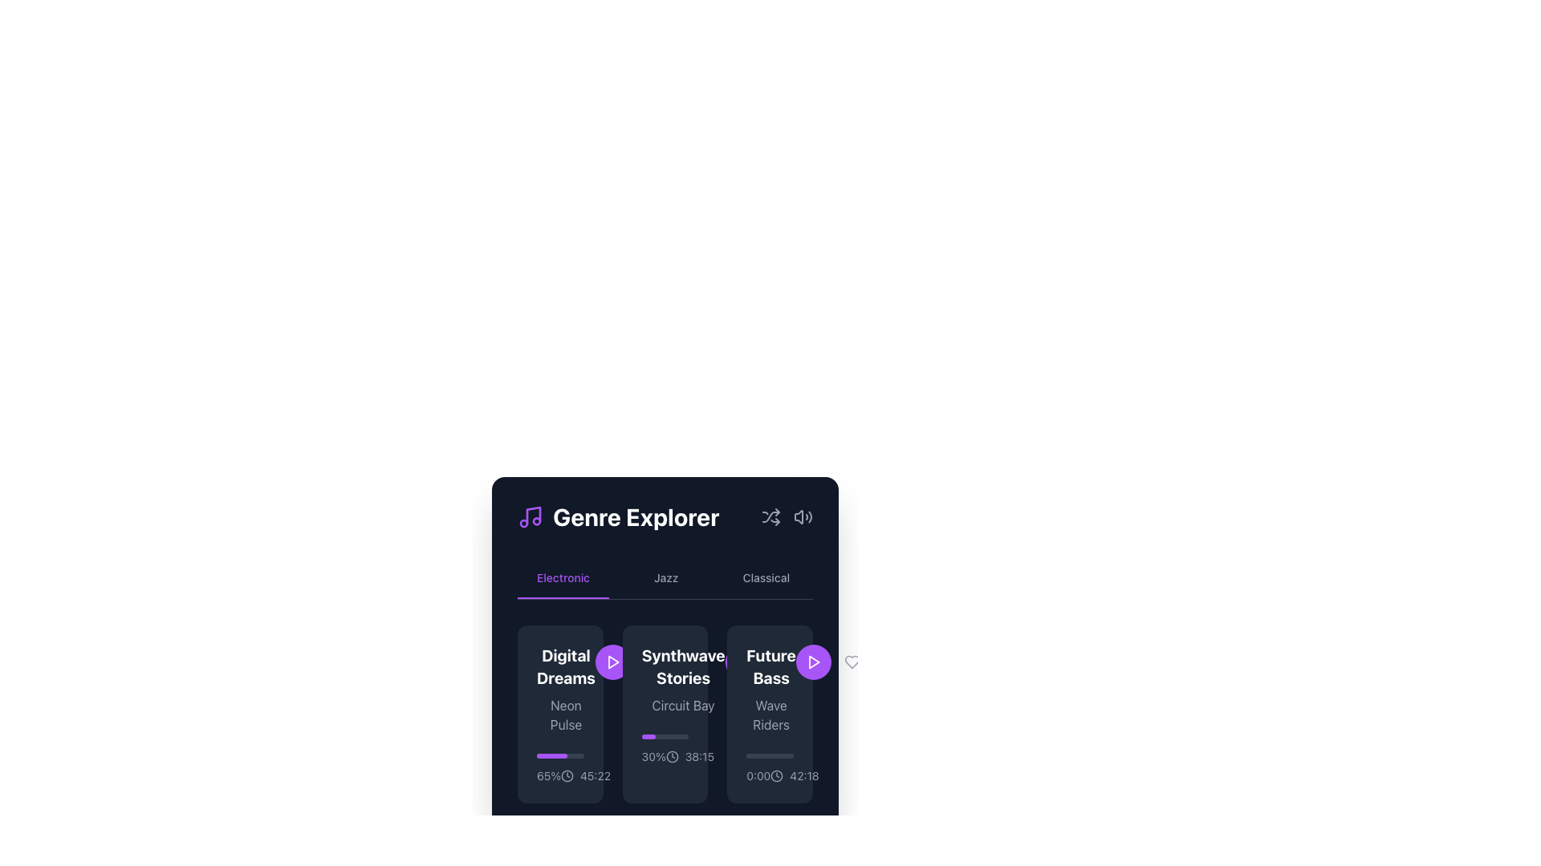 This screenshot has width=1541, height=866. What do you see at coordinates (612, 662) in the screenshot?
I see `the play button located at the first position of the two interactive elements in the music player panel to observe its hover effect` at bounding box center [612, 662].